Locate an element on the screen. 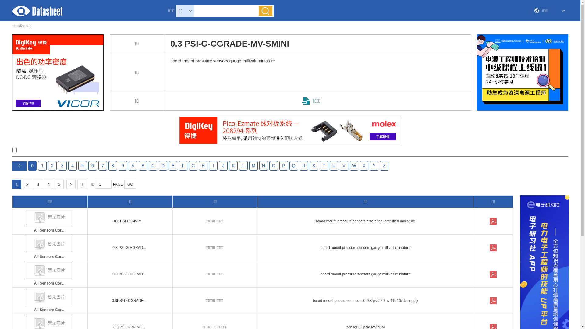  'P' is located at coordinates (279, 166).